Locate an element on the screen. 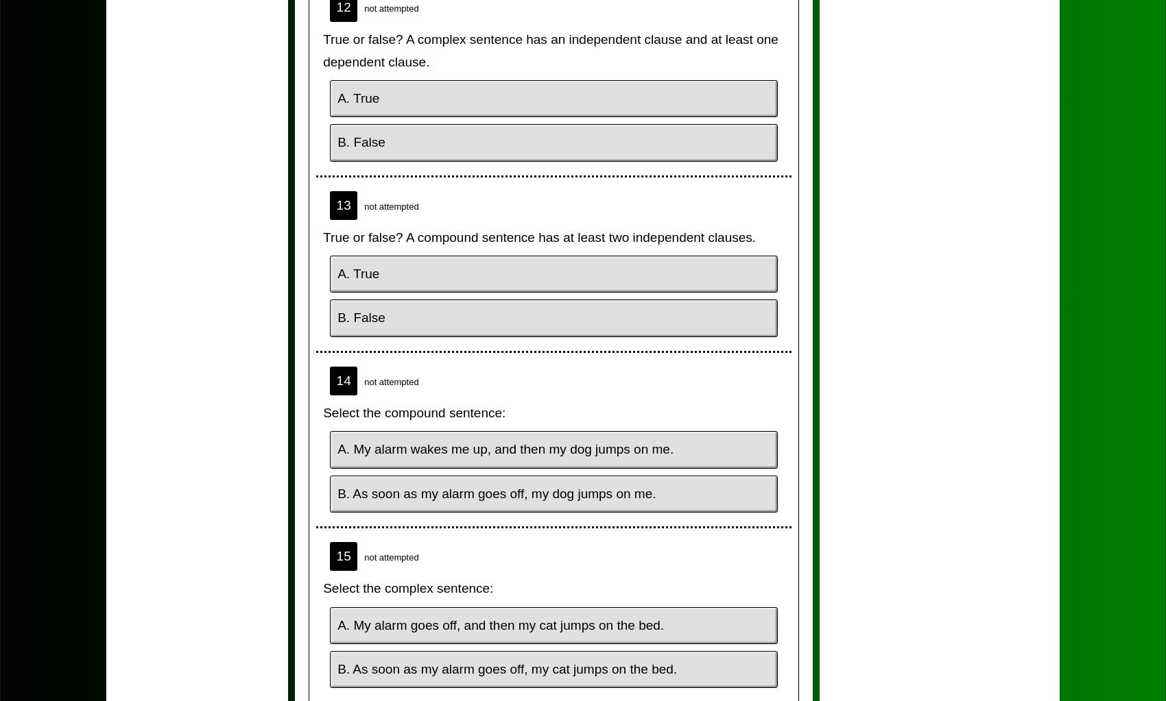  'A. My alarm wakes me up, and then my dog jumps on me.' is located at coordinates (505, 449).